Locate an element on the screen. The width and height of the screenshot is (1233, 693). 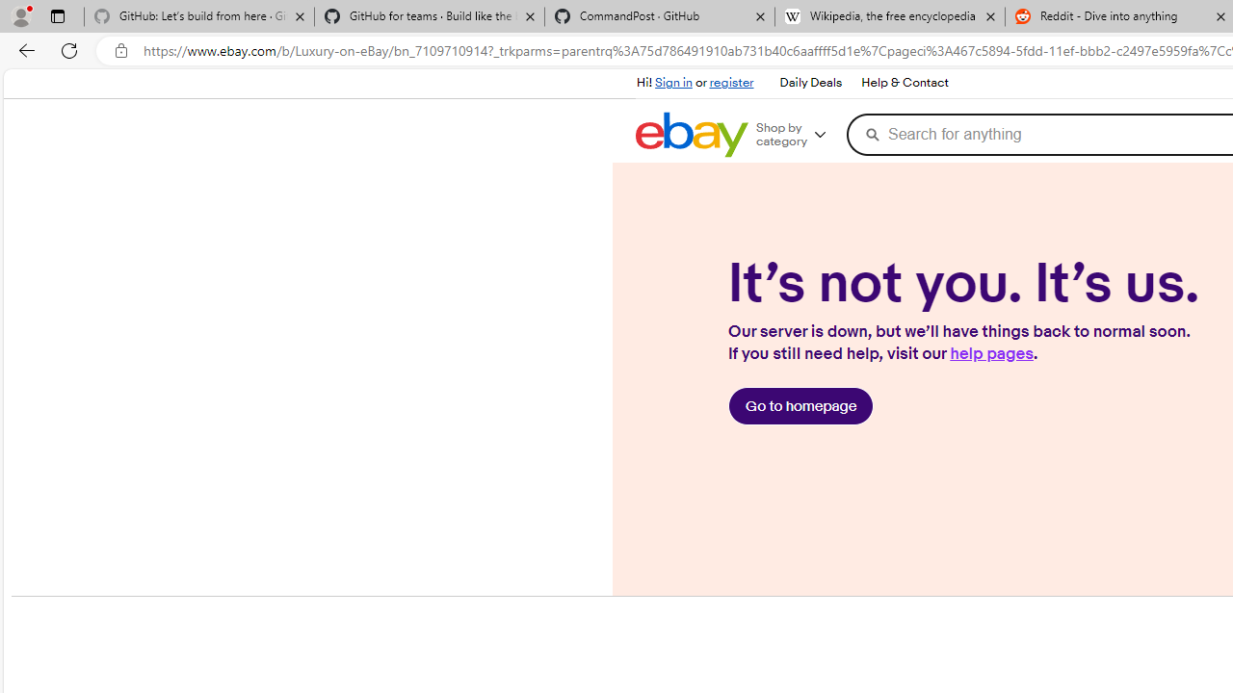
'register' is located at coordinates (730, 82).